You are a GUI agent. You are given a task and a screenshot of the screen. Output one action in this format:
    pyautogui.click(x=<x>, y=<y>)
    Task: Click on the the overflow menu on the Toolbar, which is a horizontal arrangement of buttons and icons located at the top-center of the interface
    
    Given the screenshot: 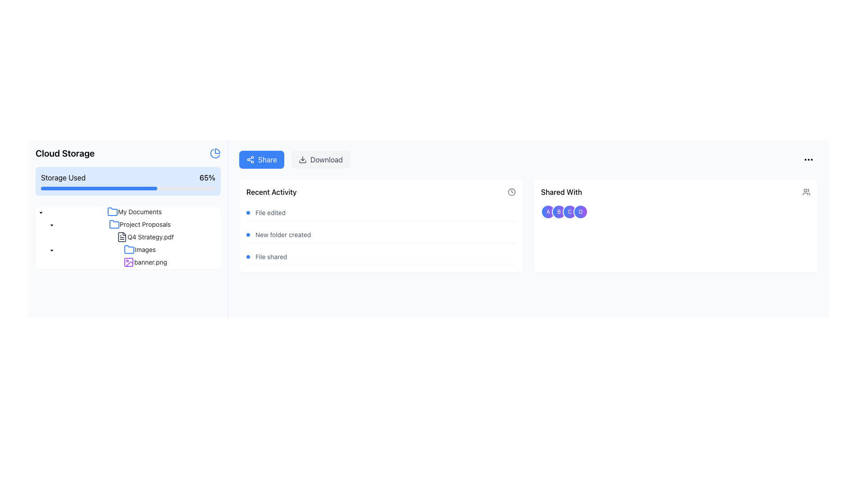 What is the action you would take?
    pyautogui.click(x=528, y=159)
    